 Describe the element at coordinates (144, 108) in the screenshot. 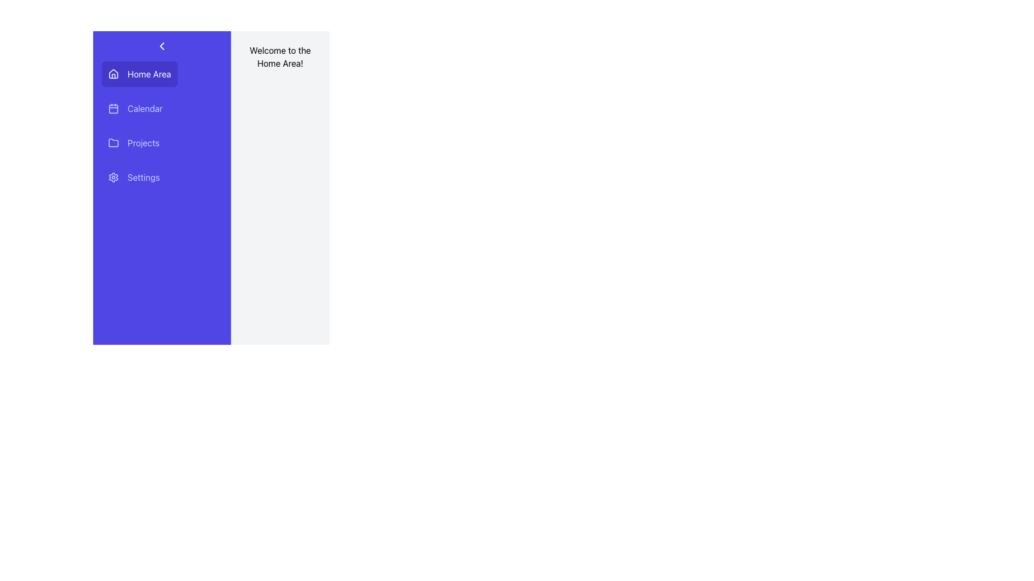

I see `the Text Label in the vertical navigation menu that leads` at that location.